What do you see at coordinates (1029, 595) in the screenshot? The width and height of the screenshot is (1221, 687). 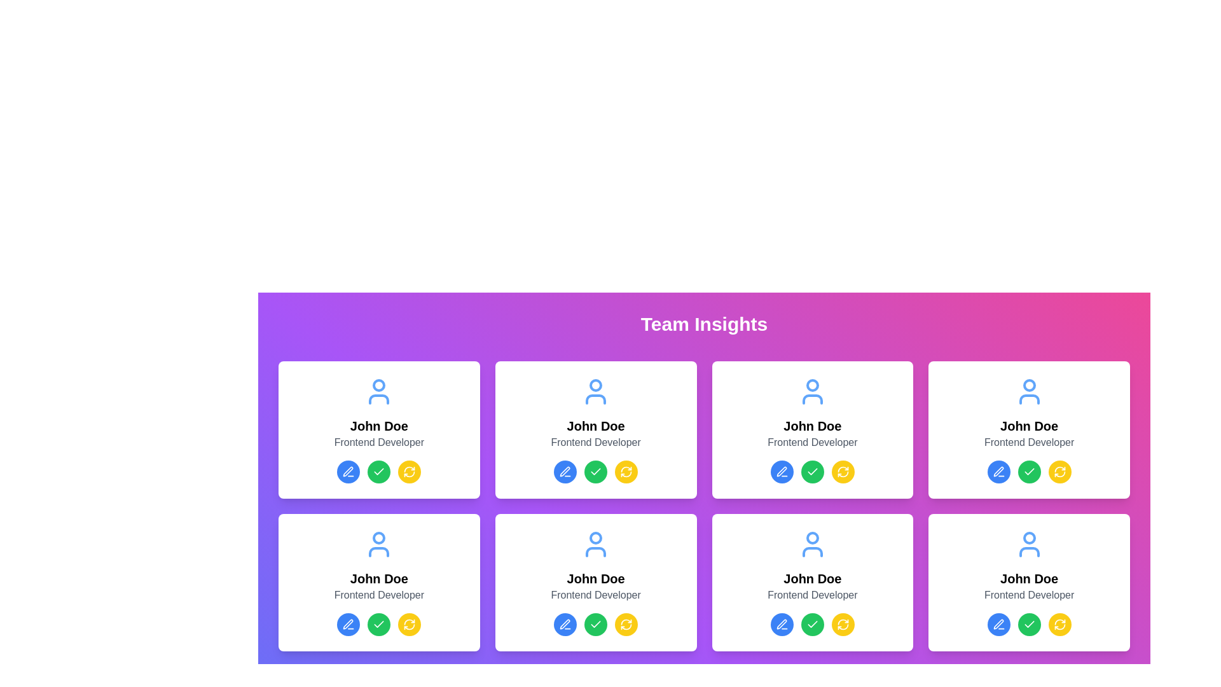 I see `the text label indicating the role or job title associated with the profile card located beneath 'John Doe' in the last card of the second row` at bounding box center [1029, 595].